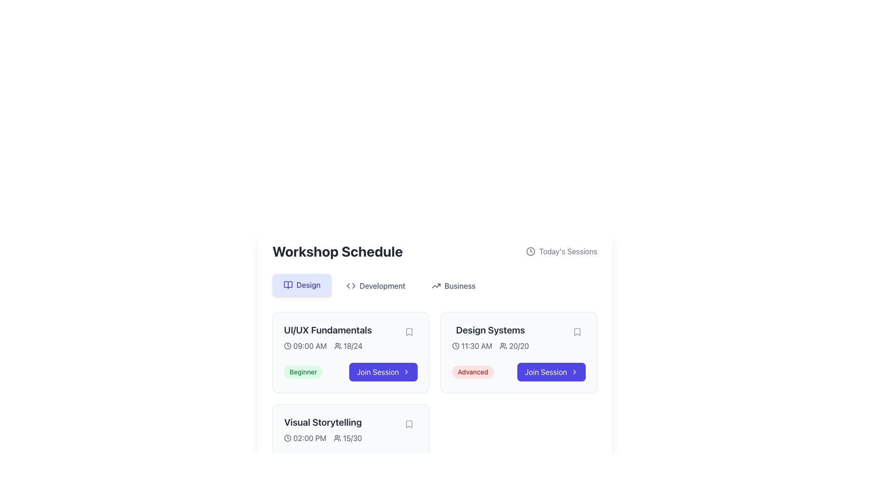 The height and width of the screenshot is (503, 894). I want to click on the time information displayed next, so click(472, 346).